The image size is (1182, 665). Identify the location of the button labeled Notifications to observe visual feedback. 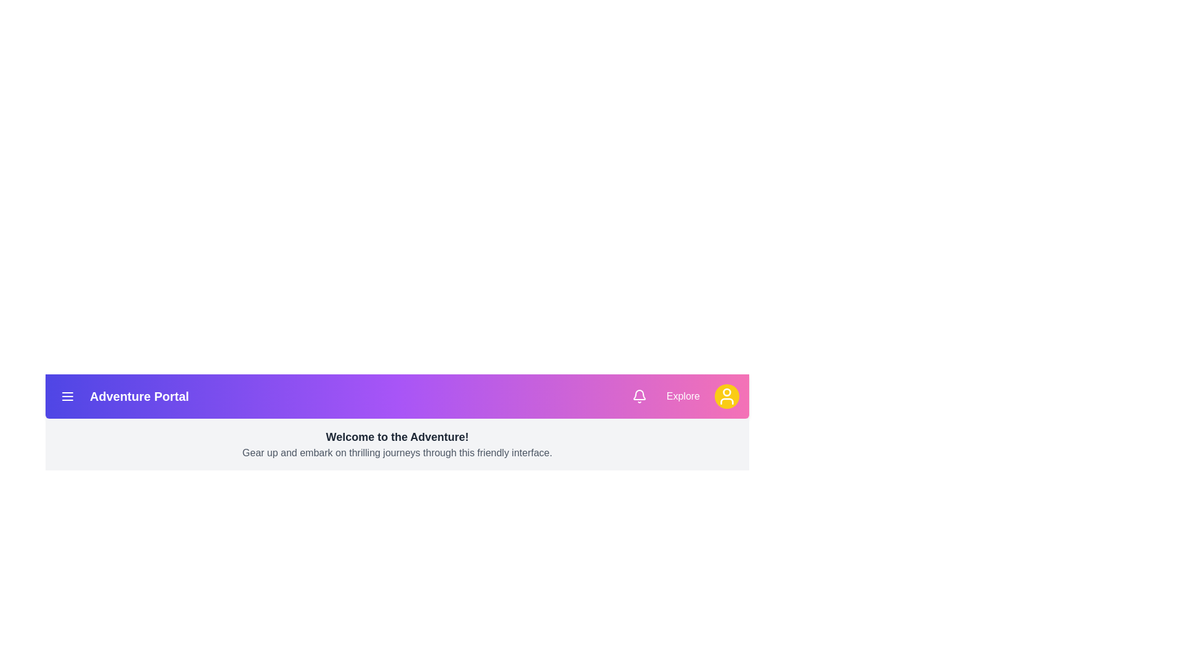
(639, 397).